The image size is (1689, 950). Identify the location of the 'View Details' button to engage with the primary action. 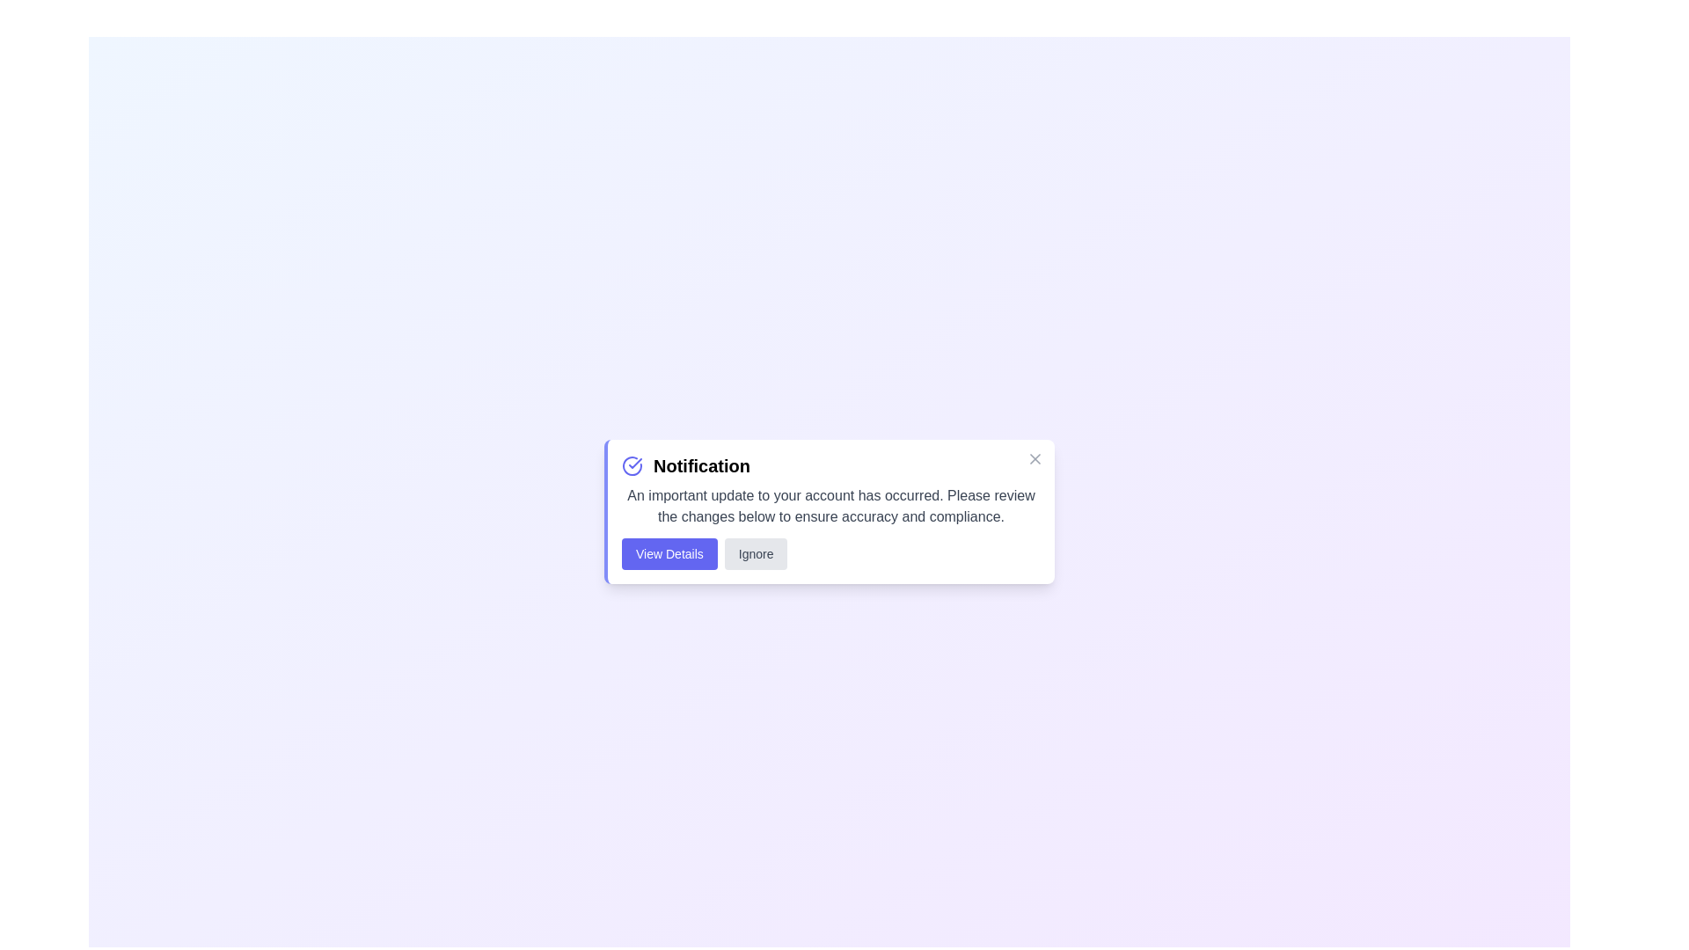
(669, 552).